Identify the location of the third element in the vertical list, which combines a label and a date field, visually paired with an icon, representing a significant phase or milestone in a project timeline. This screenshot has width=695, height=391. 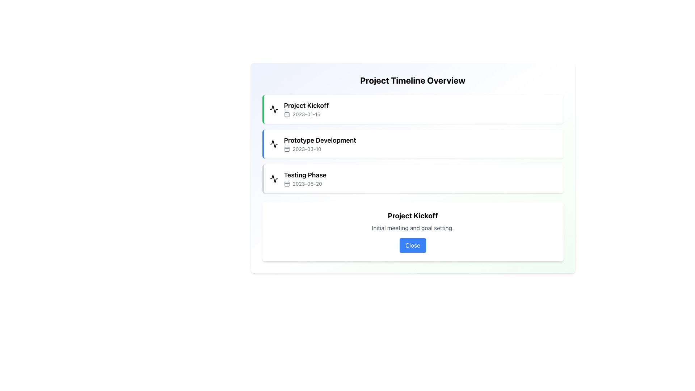
(305, 178).